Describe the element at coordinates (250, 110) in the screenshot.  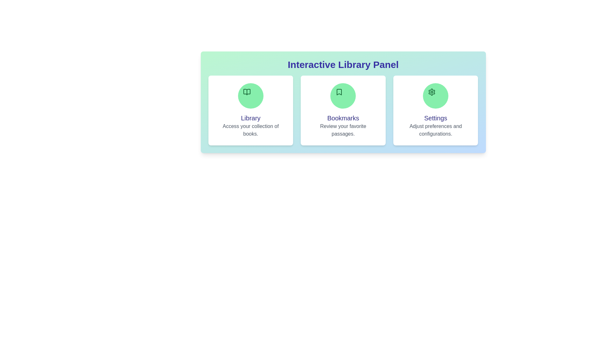
I see `the Library section to see its hover effect` at that location.